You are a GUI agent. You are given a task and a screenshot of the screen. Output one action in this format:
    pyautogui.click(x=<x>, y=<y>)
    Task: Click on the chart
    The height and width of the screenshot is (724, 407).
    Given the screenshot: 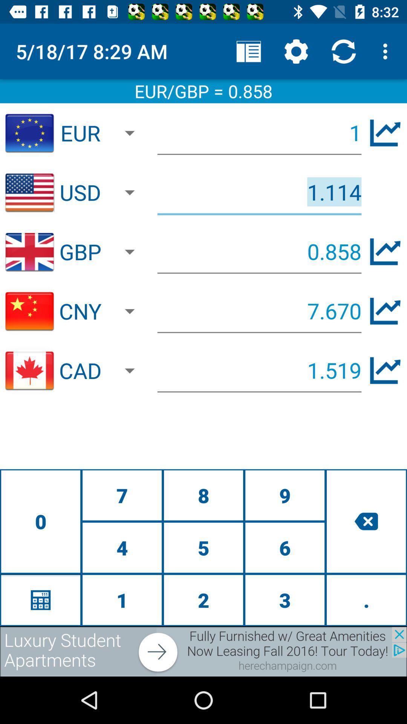 What is the action you would take?
    pyautogui.click(x=385, y=370)
    